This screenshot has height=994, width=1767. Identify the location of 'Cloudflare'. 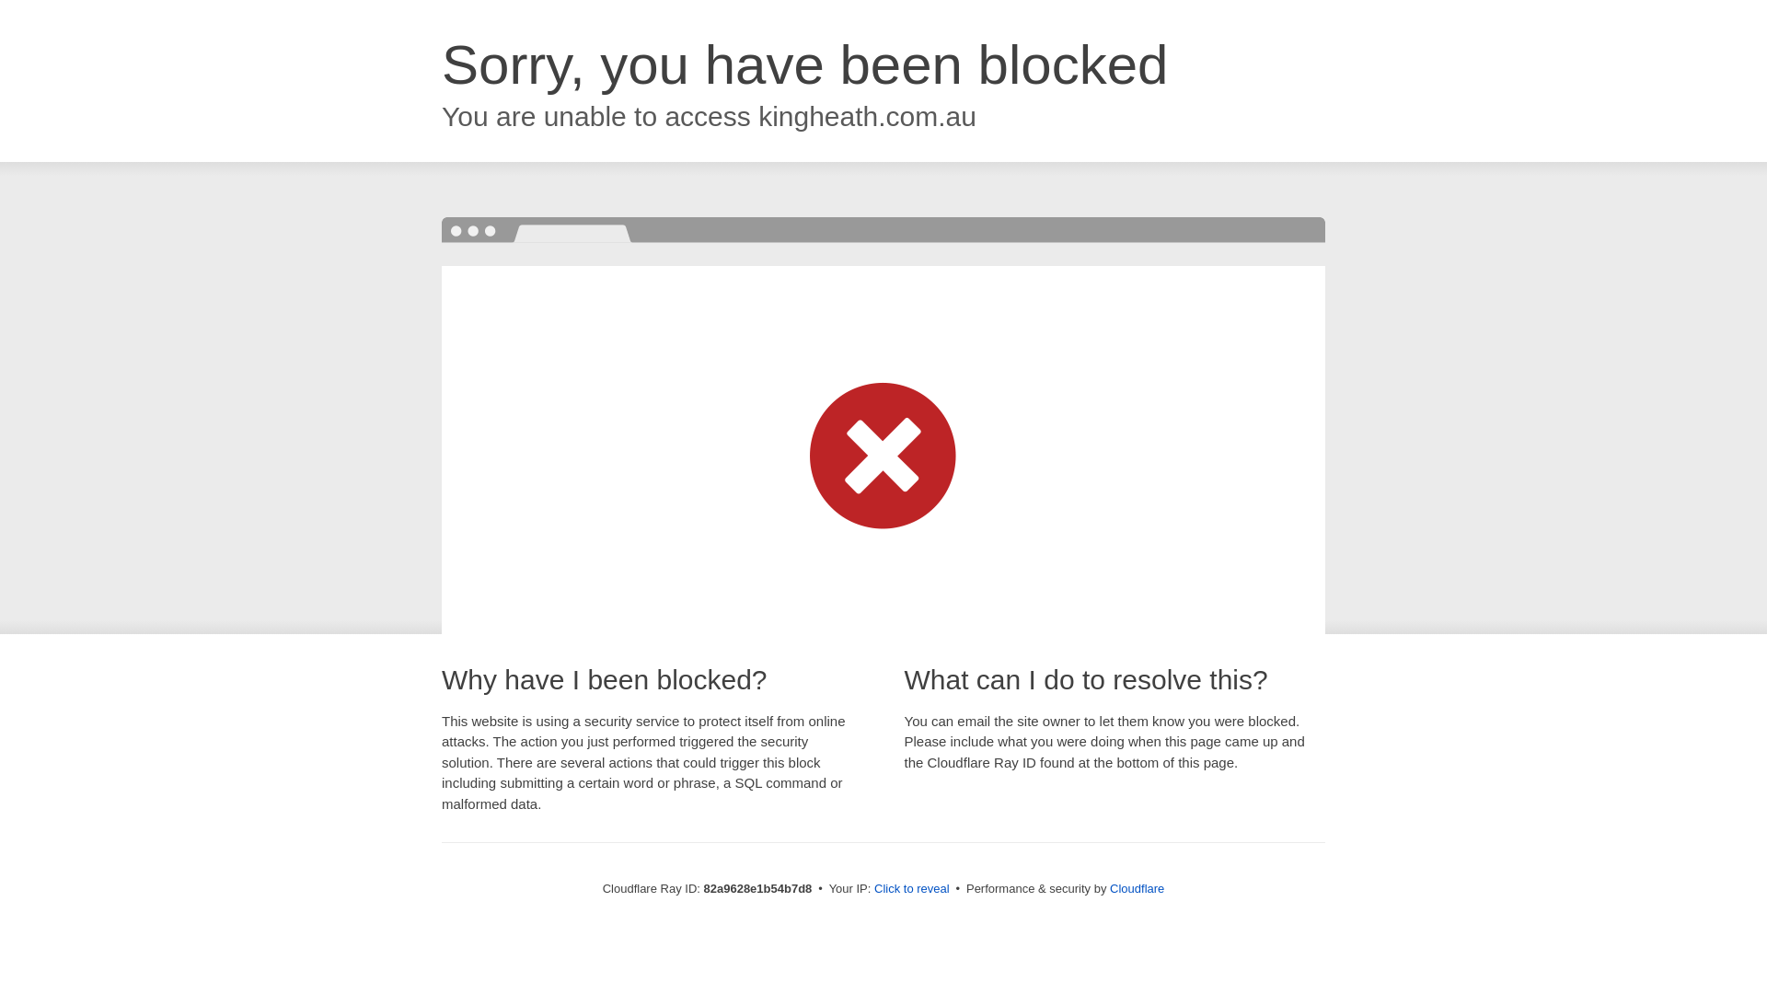
(1108, 887).